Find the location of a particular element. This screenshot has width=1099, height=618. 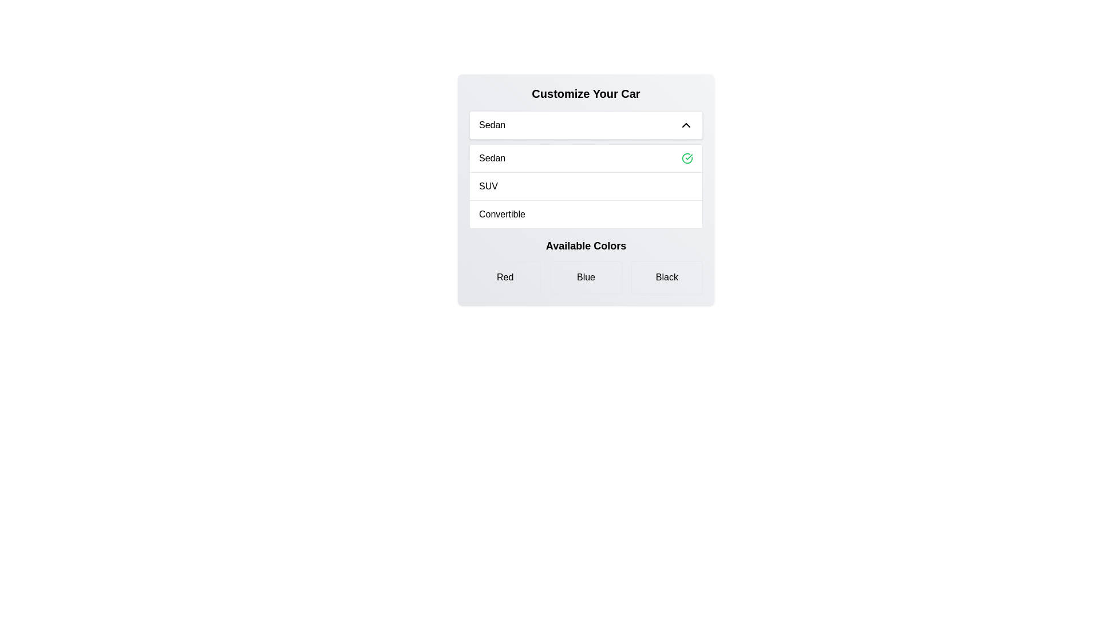

the text label 'Sedan' in the dropdown menu is located at coordinates (492, 159).